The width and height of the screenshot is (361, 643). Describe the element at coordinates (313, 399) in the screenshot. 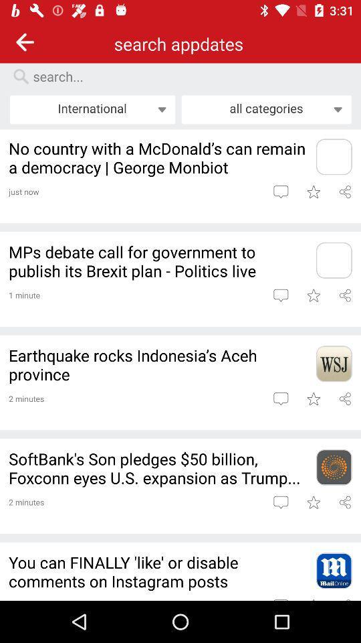

I see `save` at that location.